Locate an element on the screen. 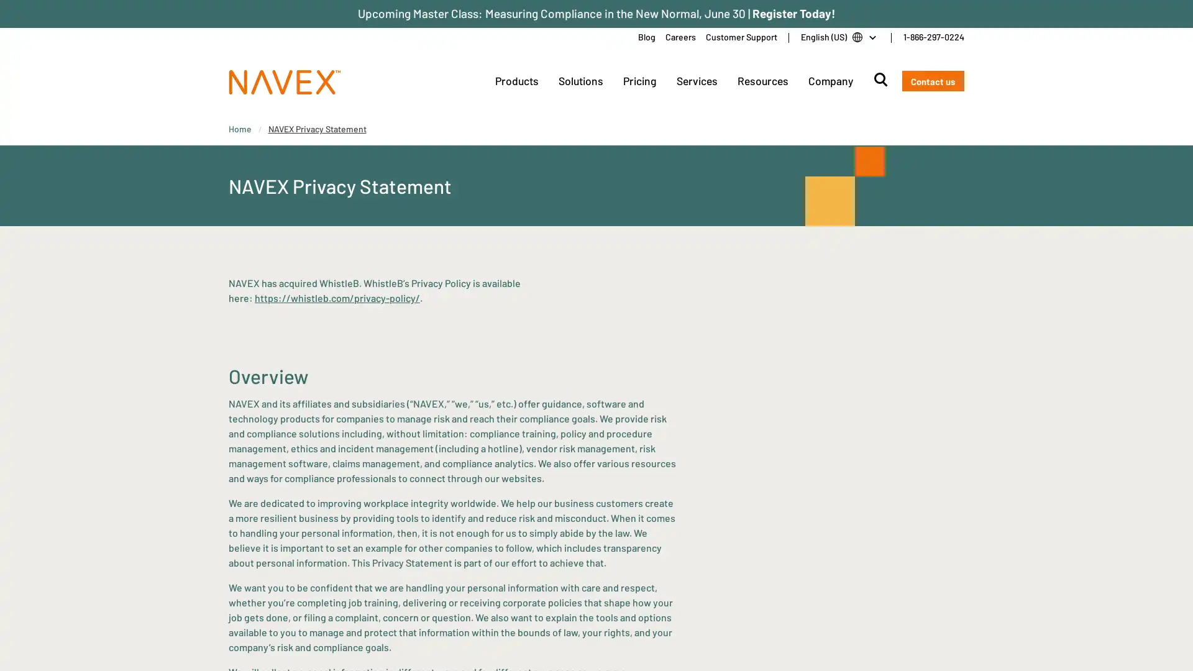  Resources is located at coordinates (762, 81).